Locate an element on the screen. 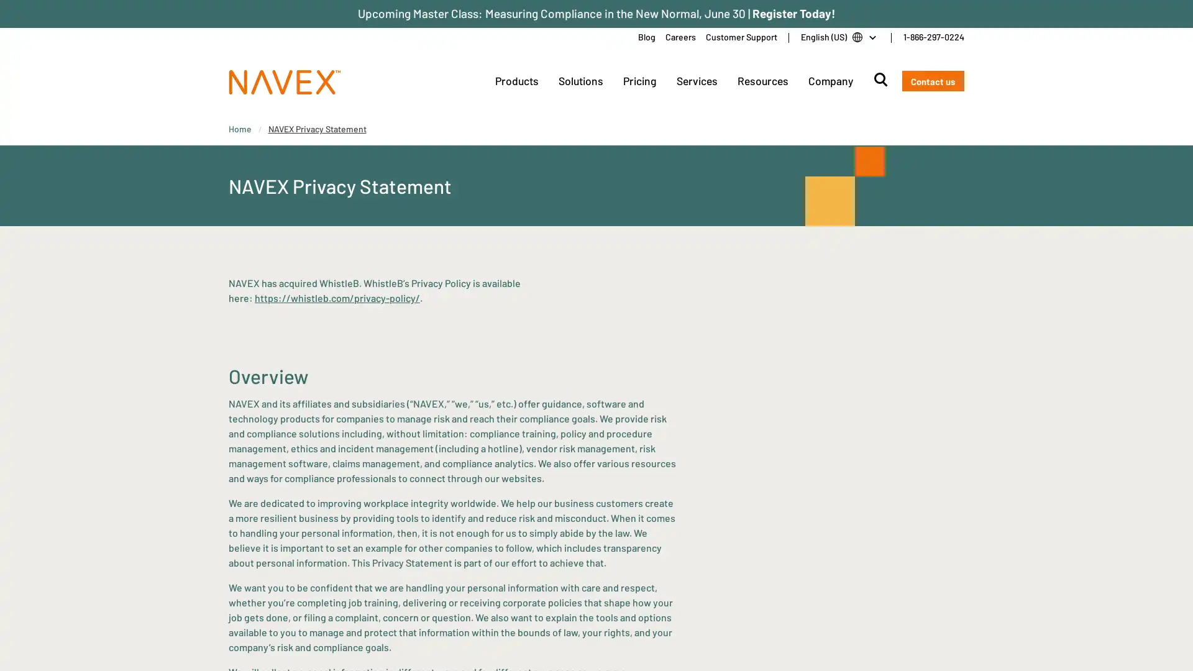  Resources is located at coordinates (762, 81).